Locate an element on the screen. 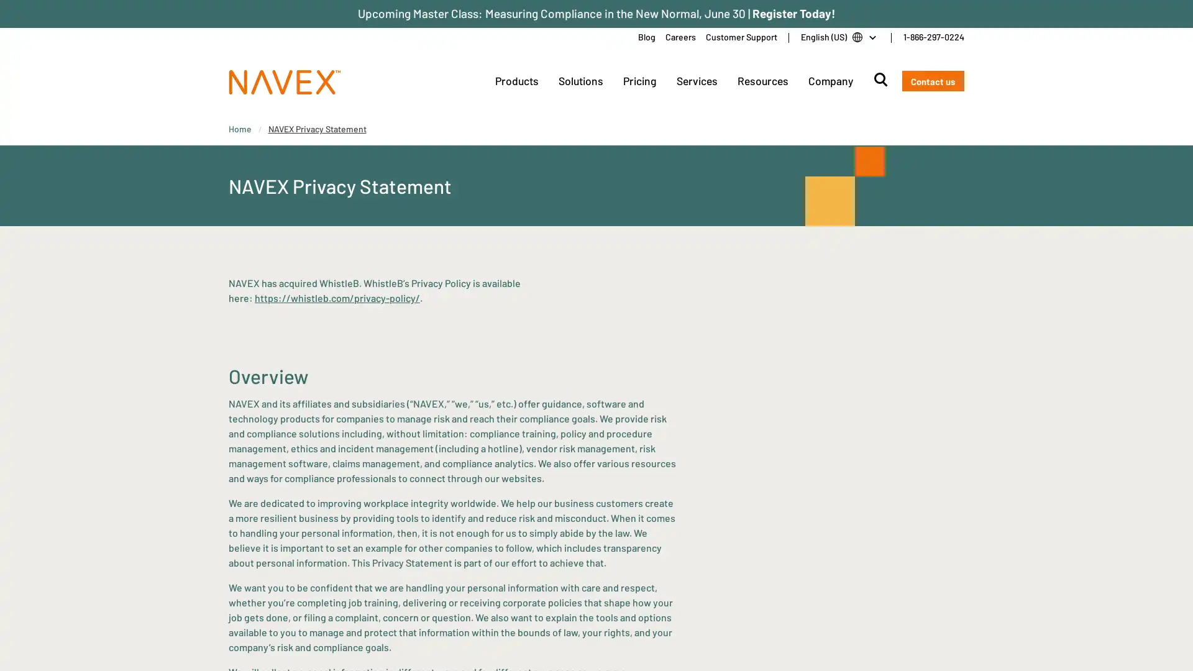  Resources is located at coordinates (762, 81).